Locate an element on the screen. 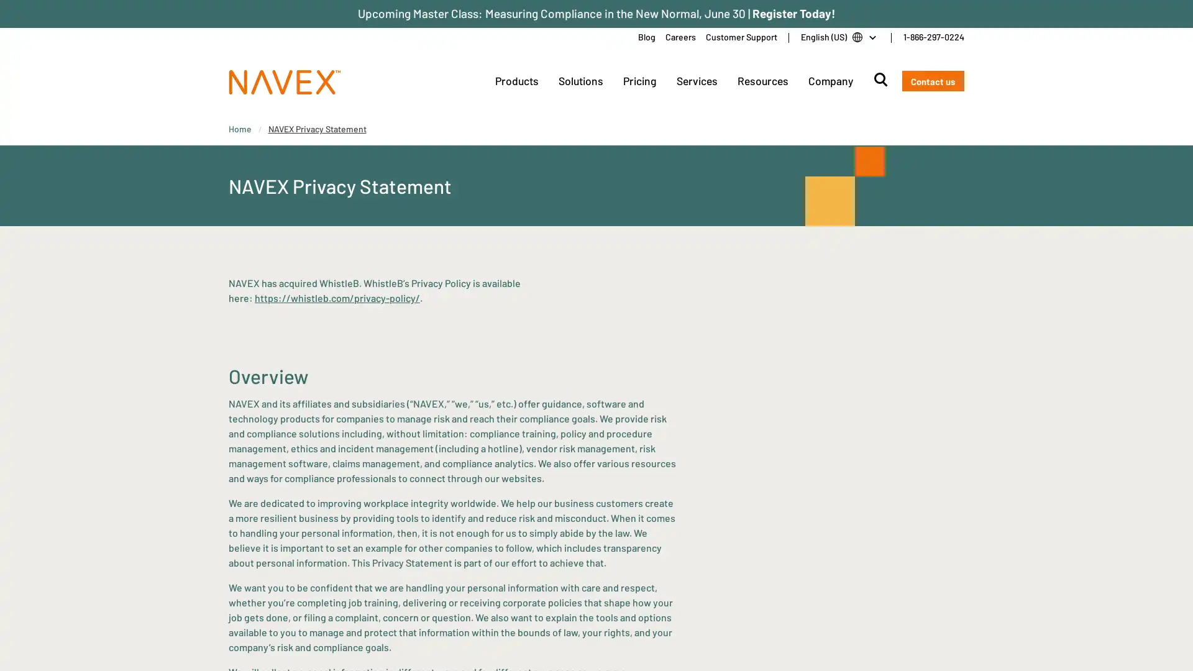  Resources is located at coordinates (762, 81).